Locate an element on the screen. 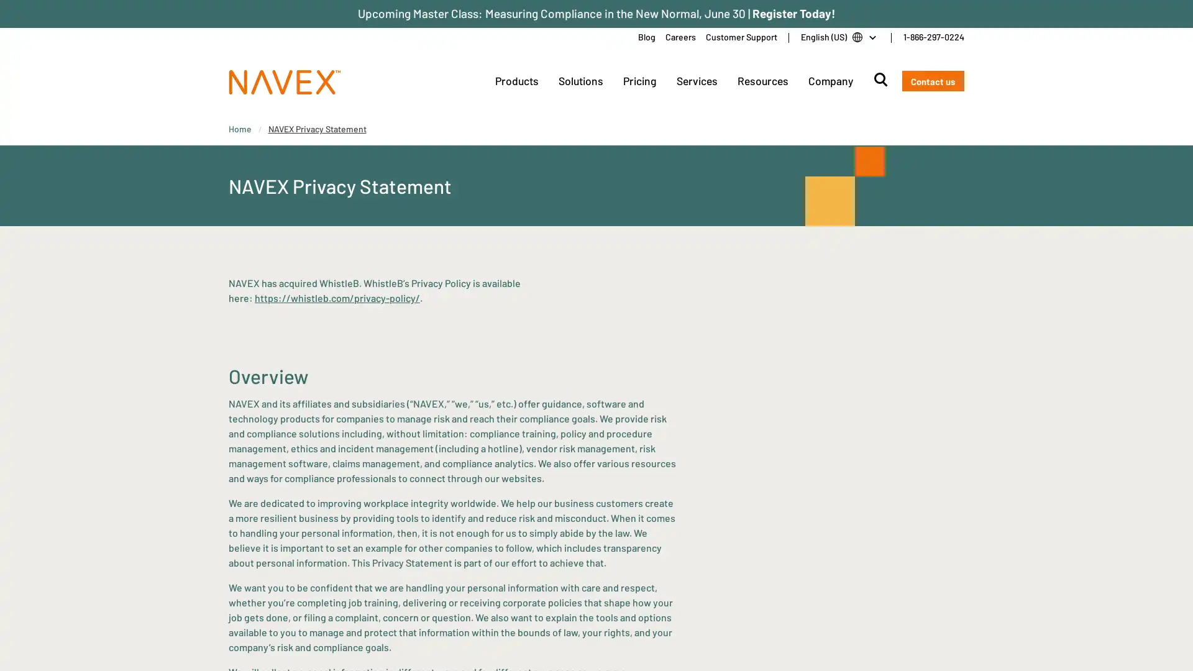  Resources is located at coordinates (762, 81).